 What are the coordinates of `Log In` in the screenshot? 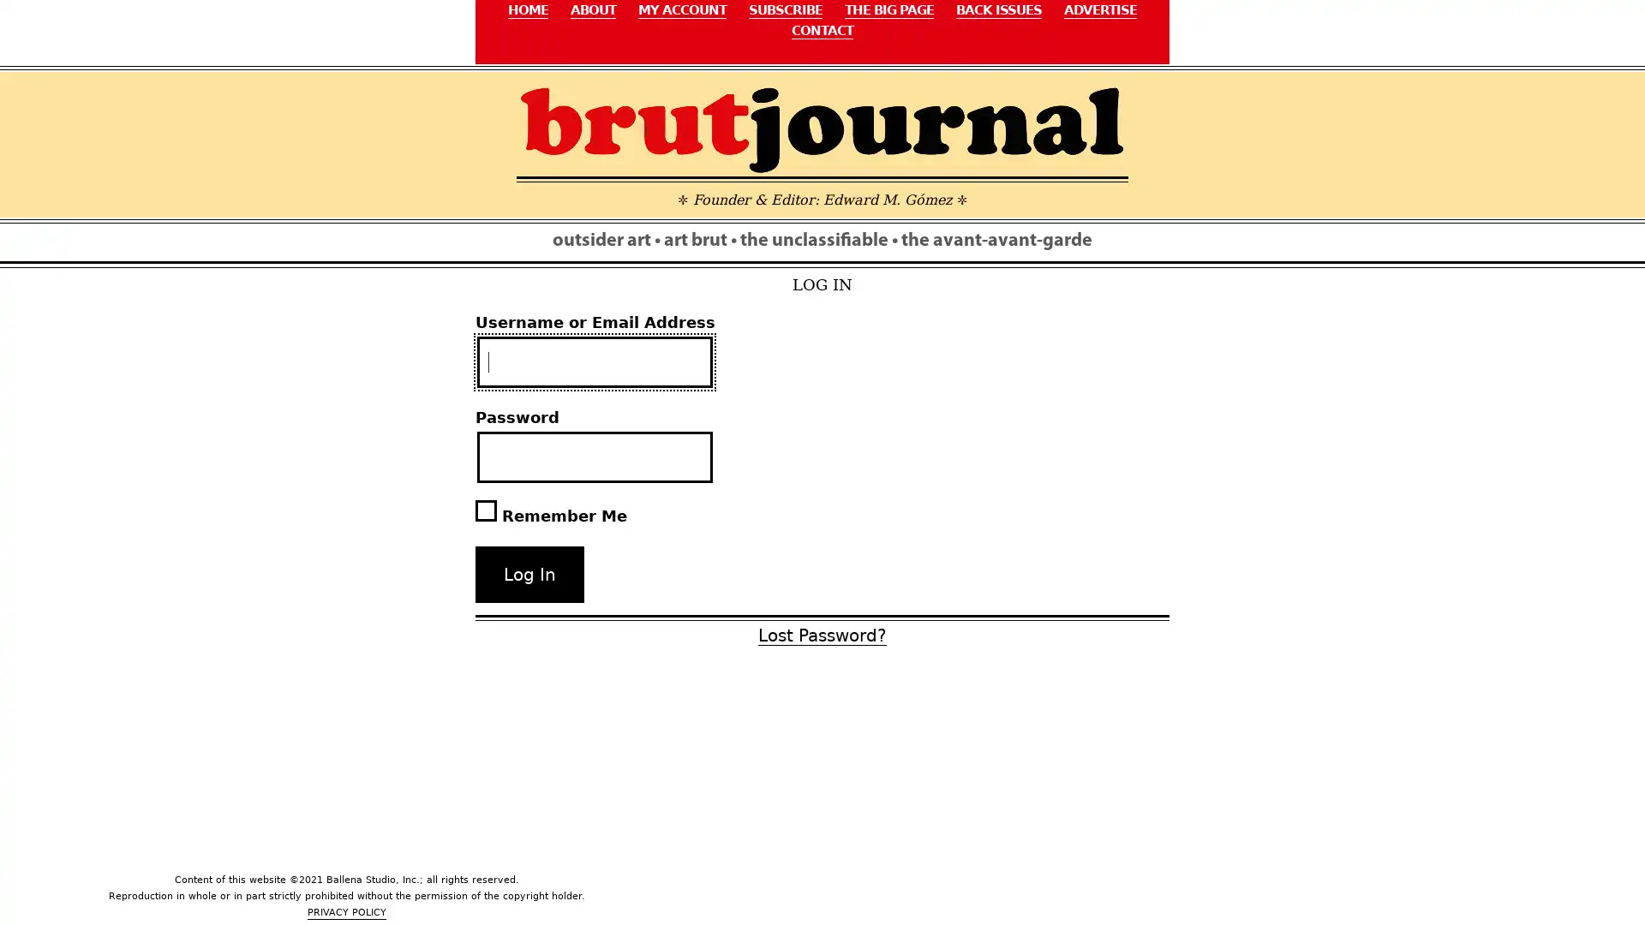 It's located at (529, 575).